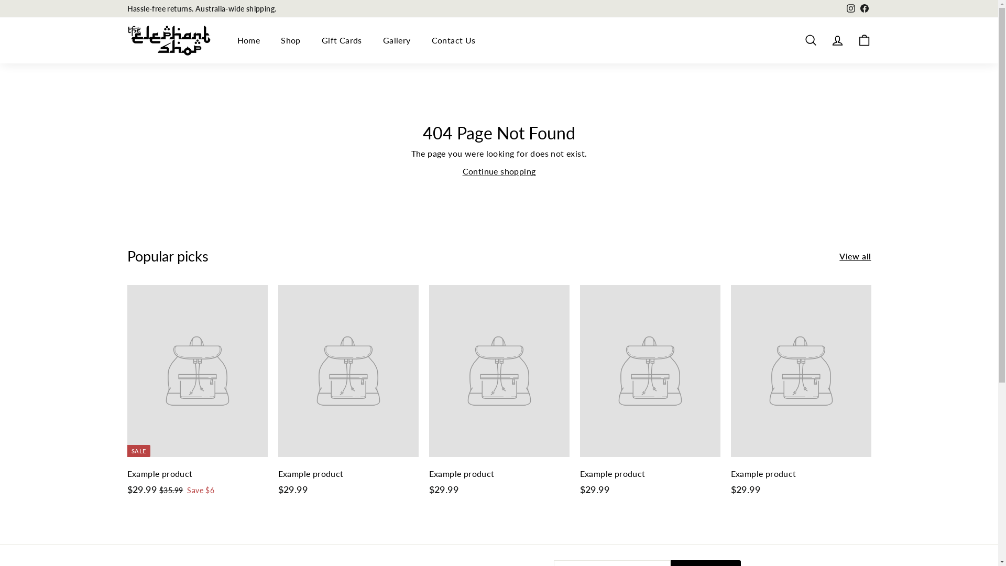 Image resolution: width=1006 pixels, height=566 pixels. What do you see at coordinates (396, 40) in the screenshot?
I see `'Gallery'` at bounding box center [396, 40].